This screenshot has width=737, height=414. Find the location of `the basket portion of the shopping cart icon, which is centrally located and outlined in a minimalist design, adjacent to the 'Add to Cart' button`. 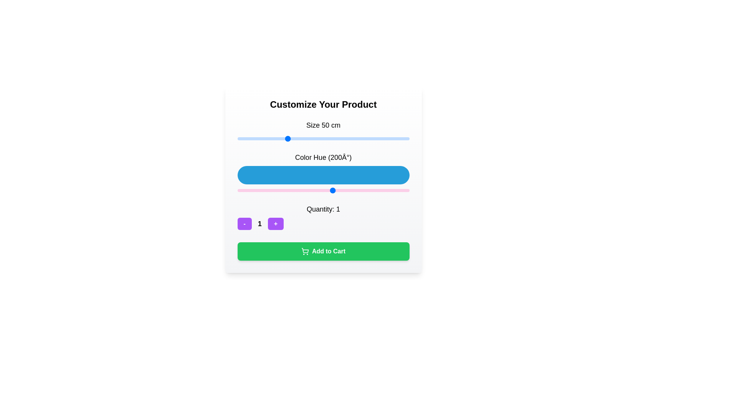

the basket portion of the shopping cart icon, which is centrally located and outlined in a minimalist design, adjacent to the 'Add to Cart' button is located at coordinates (305, 250).